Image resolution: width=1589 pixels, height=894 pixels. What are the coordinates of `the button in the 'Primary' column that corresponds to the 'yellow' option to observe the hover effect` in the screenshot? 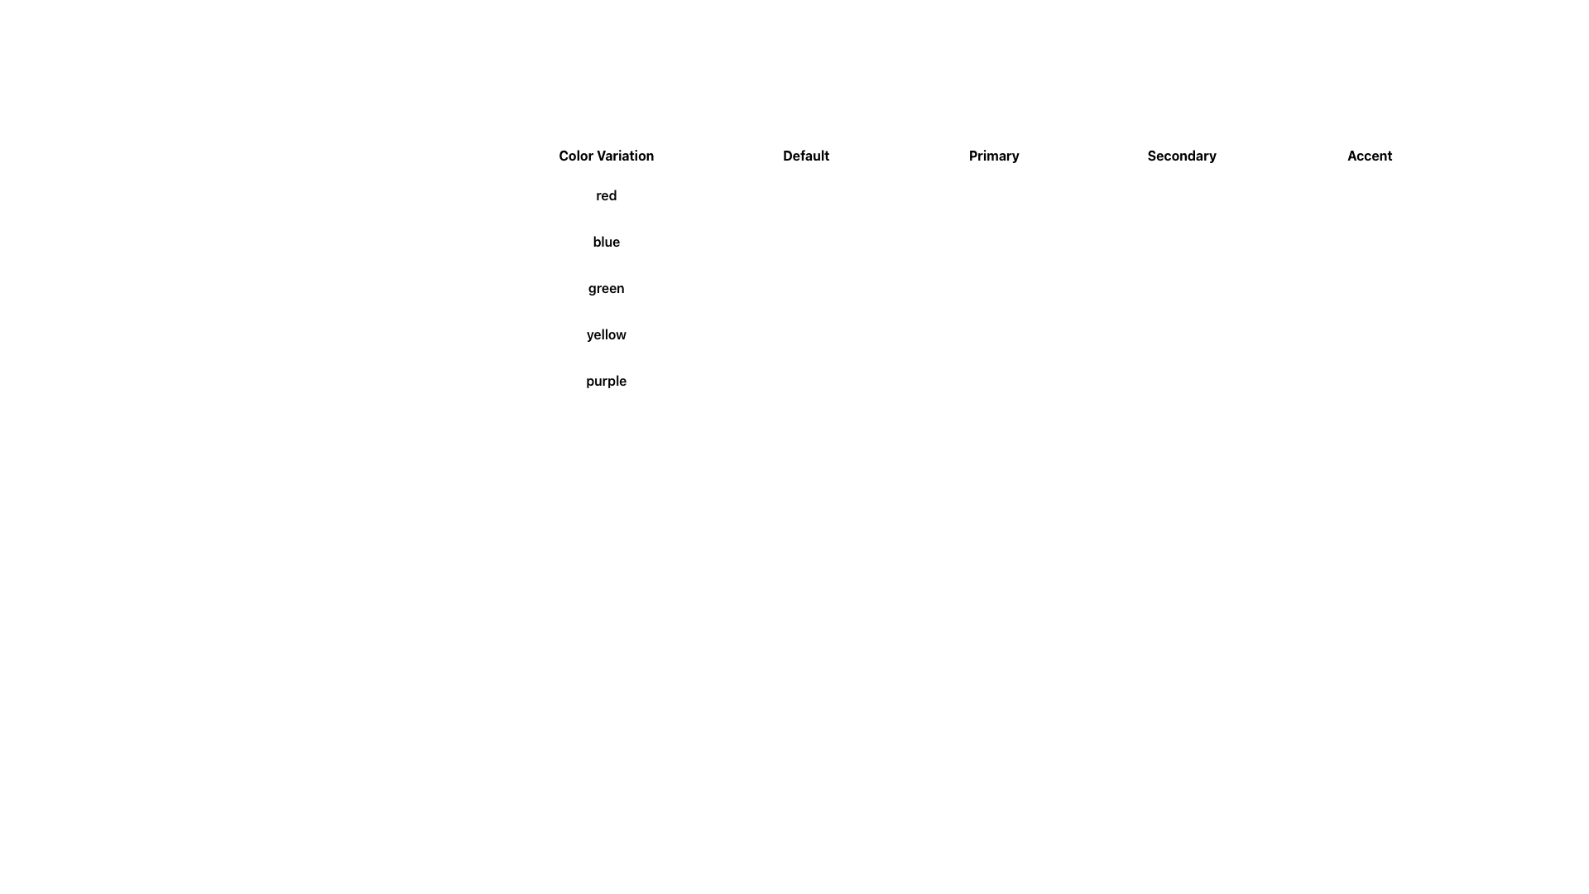 It's located at (953, 334).